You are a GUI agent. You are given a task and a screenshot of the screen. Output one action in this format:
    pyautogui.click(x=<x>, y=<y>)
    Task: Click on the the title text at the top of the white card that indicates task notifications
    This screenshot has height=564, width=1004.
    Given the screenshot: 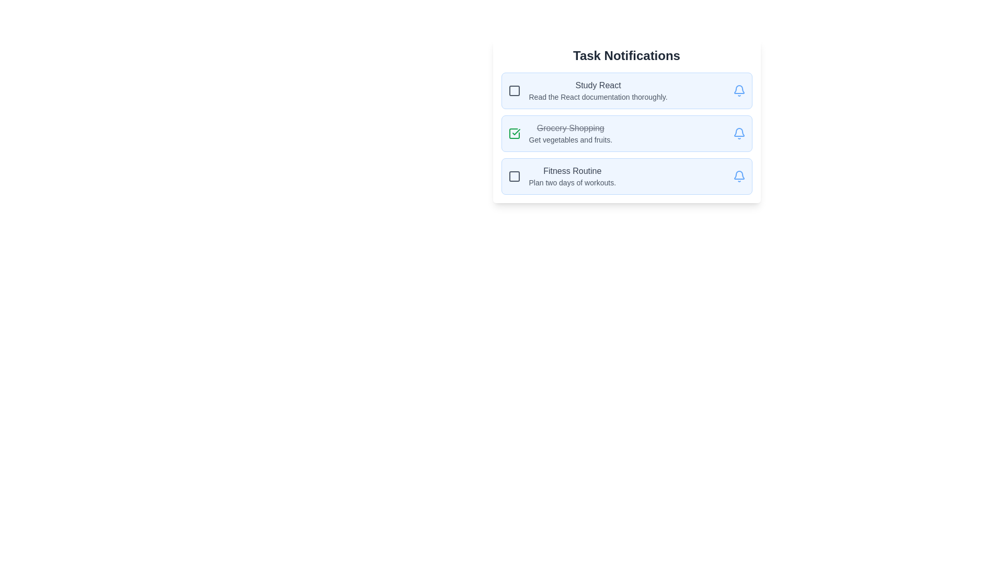 What is the action you would take?
    pyautogui.click(x=626, y=56)
    